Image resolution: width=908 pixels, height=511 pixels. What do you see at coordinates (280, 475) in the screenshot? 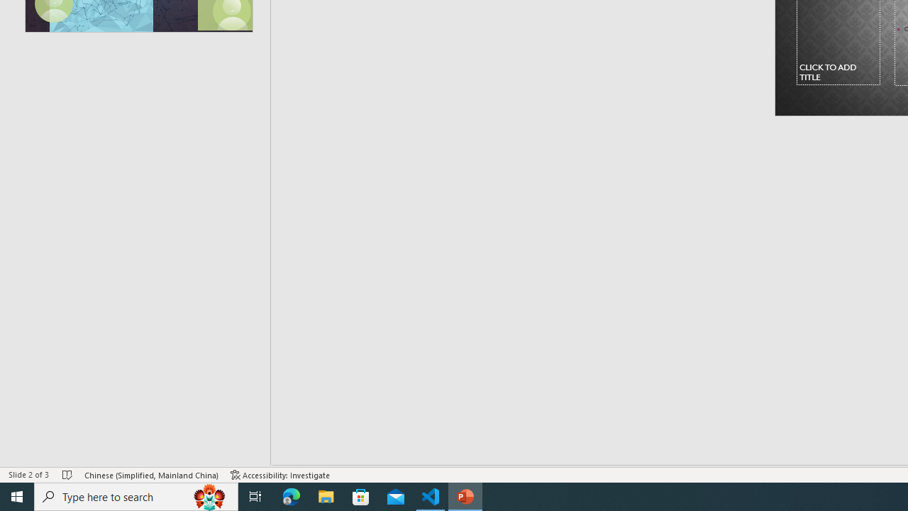
I see `'Accessibility Checker Accessibility: Investigate'` at bounding box center [280, 475].